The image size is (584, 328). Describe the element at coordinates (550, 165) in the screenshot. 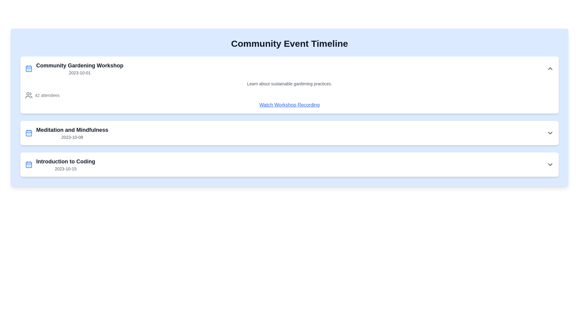

I see `the chevron icon located to the far right of the 'Introduction to Coding 2023-10-15' text` at that location.